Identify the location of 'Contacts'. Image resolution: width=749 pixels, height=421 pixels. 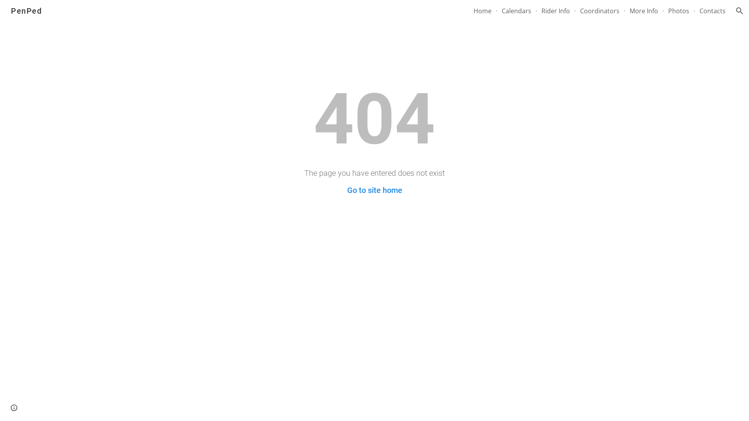
(699, 11).